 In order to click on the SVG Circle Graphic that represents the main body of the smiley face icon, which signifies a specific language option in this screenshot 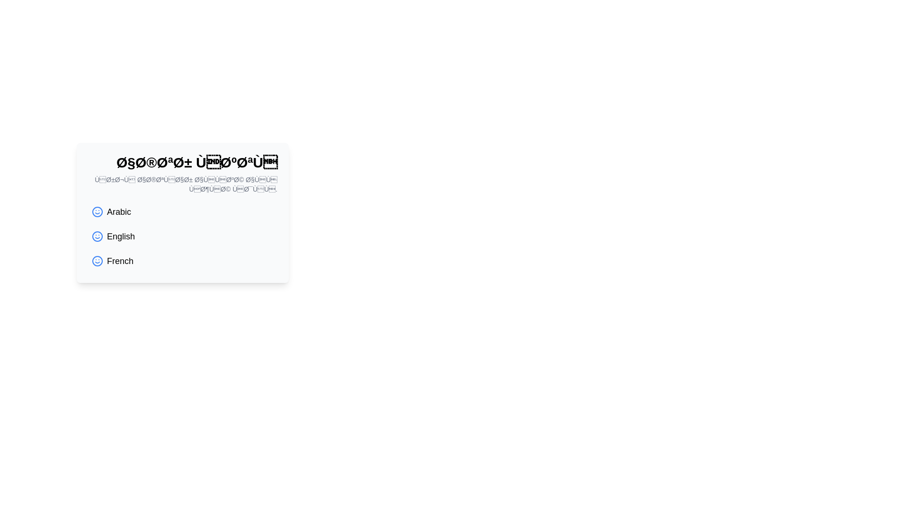, I will do `click(98, 211)`.